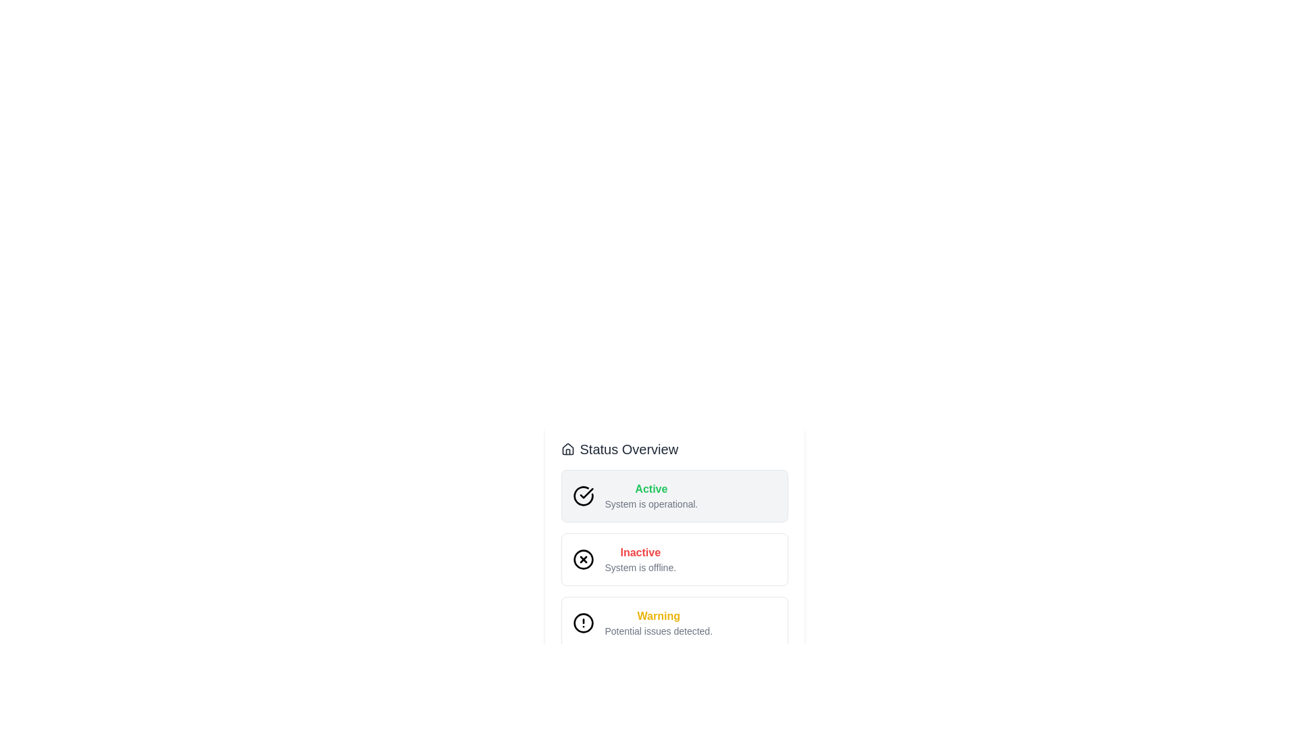 The width and height of the screenshot is (1297, 730). What do you see at coordinates (583, 495) in the screenshot?
I see `circular arc graphic representing the 'Active' status in the 'Status Overview' interface` at bounding box center [583, 495].